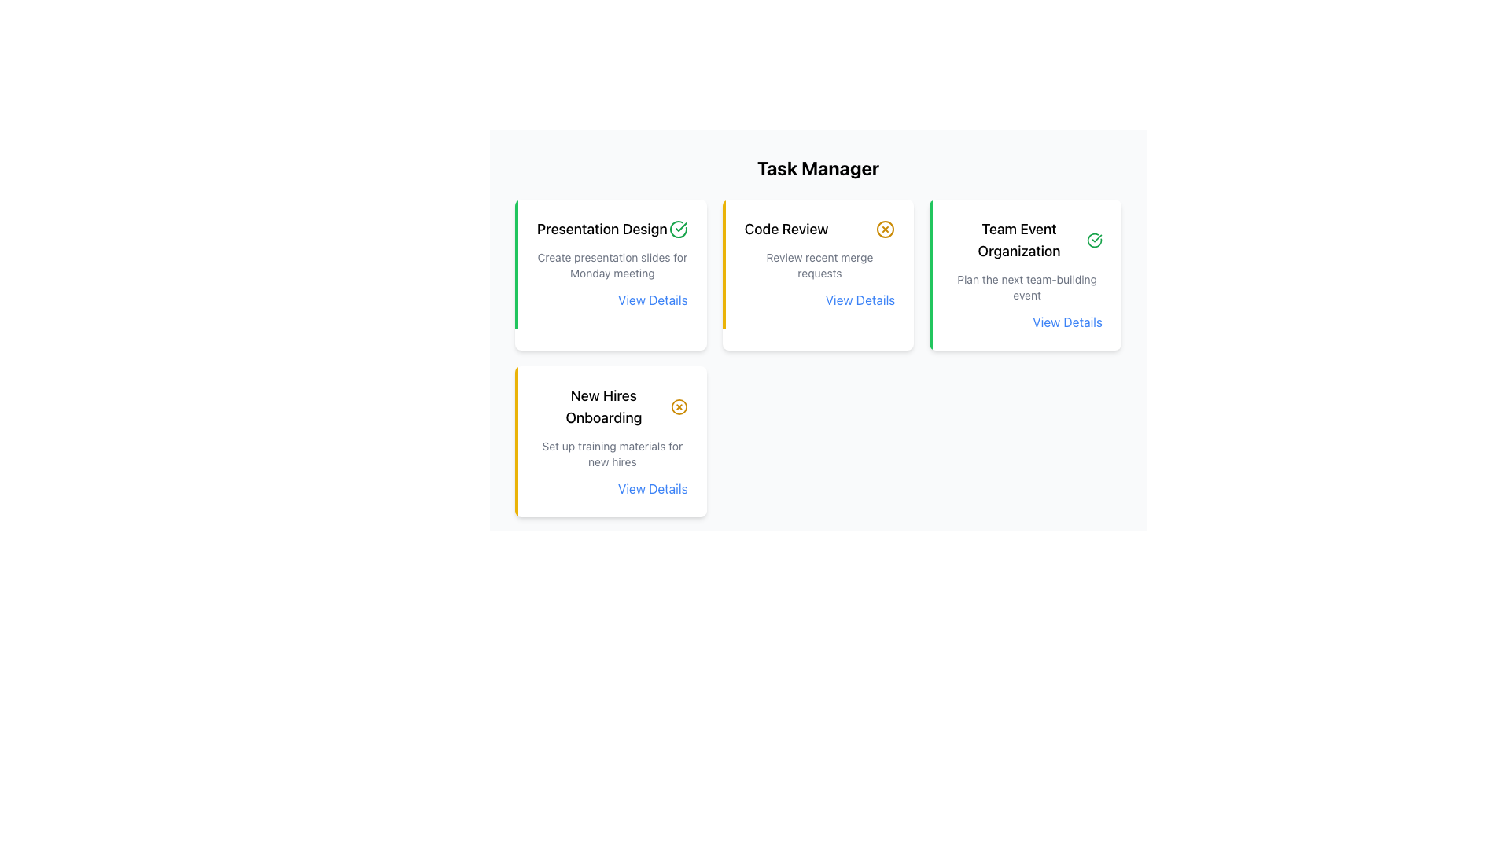 This screenshot has width=1510, height=849. What do you see at coordinates (610, 300) in the screenshot?
I see `the hyperlink located at the bottom right of the 'Presentation Design' card under the 'Task Manager' heading` at bounding box center [610, 300].